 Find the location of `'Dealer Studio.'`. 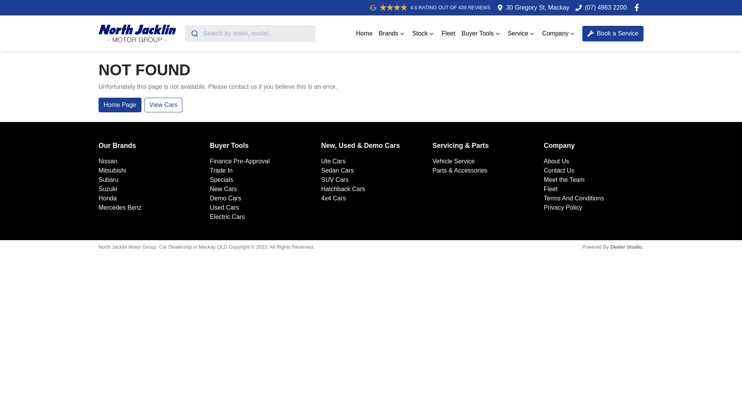

'Dealer Studio.' is located at coordinates (610, 247).